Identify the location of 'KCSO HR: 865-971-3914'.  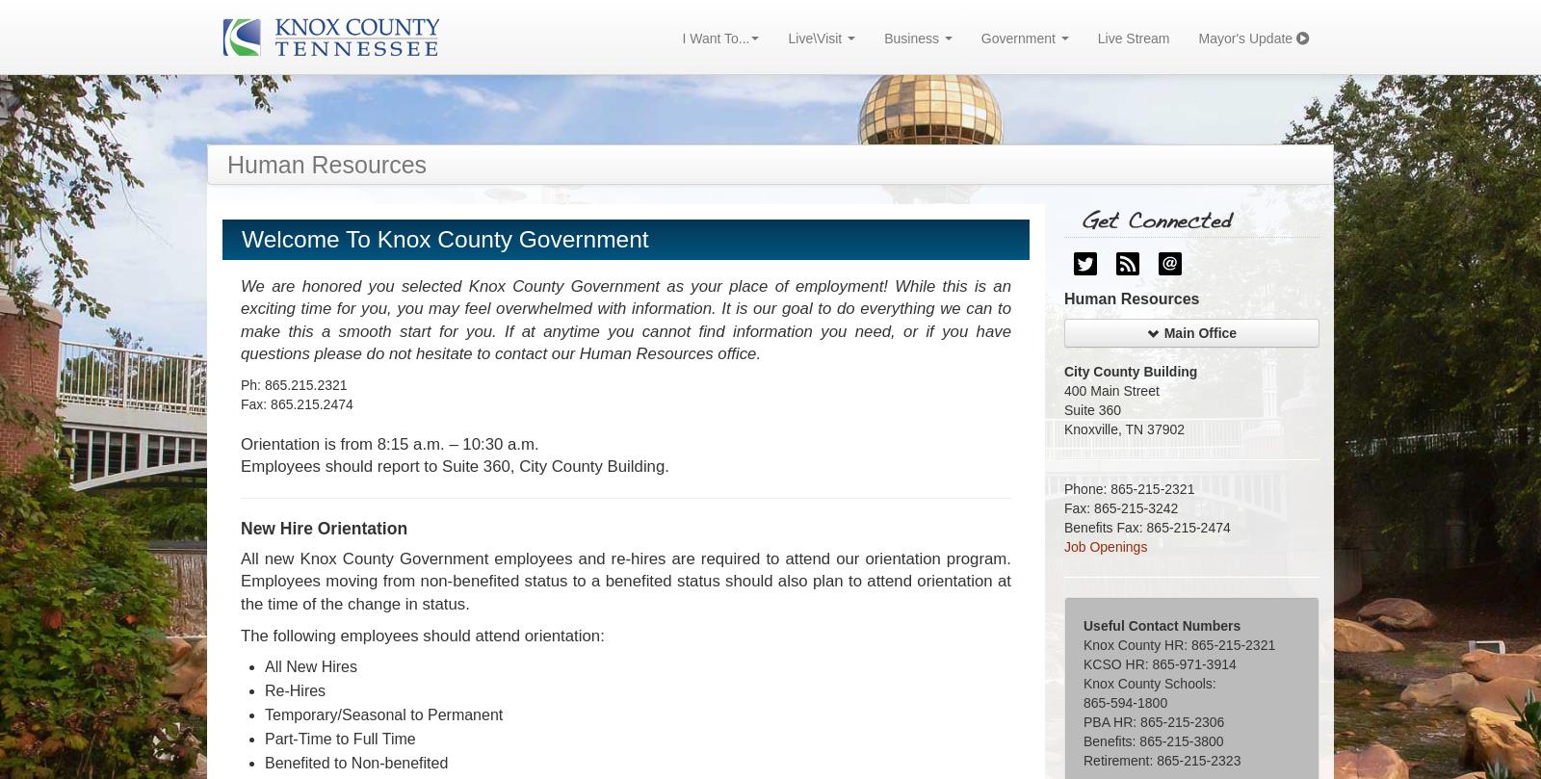
(1158, 662).